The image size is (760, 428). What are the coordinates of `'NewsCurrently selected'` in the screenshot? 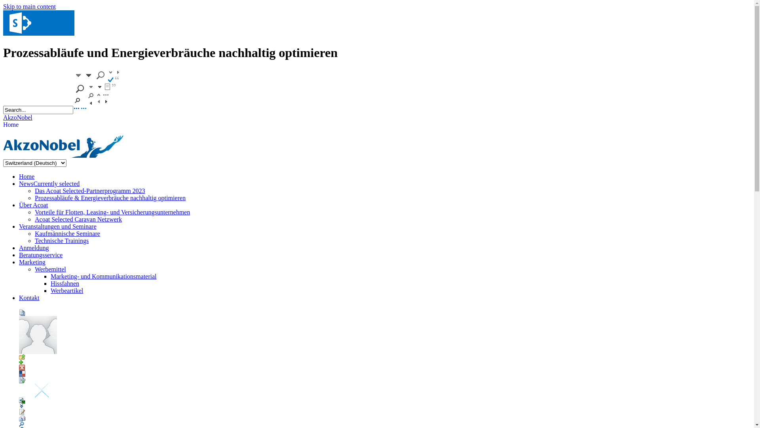 It's located at (49, 183).